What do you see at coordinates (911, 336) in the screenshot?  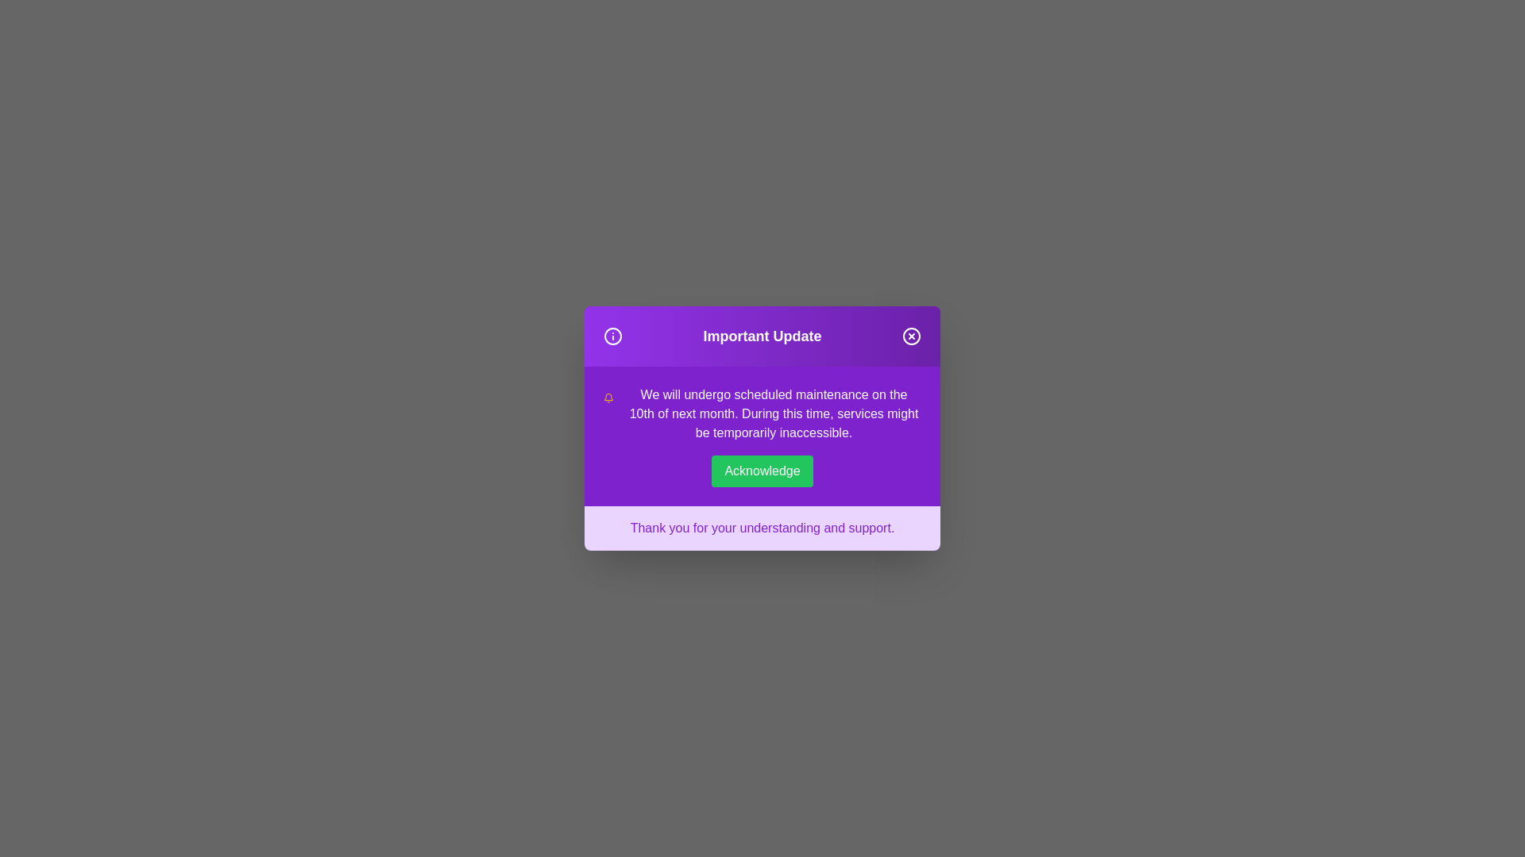 I see `the close button to dismiss the dialog` at bounding box center [911, 336].